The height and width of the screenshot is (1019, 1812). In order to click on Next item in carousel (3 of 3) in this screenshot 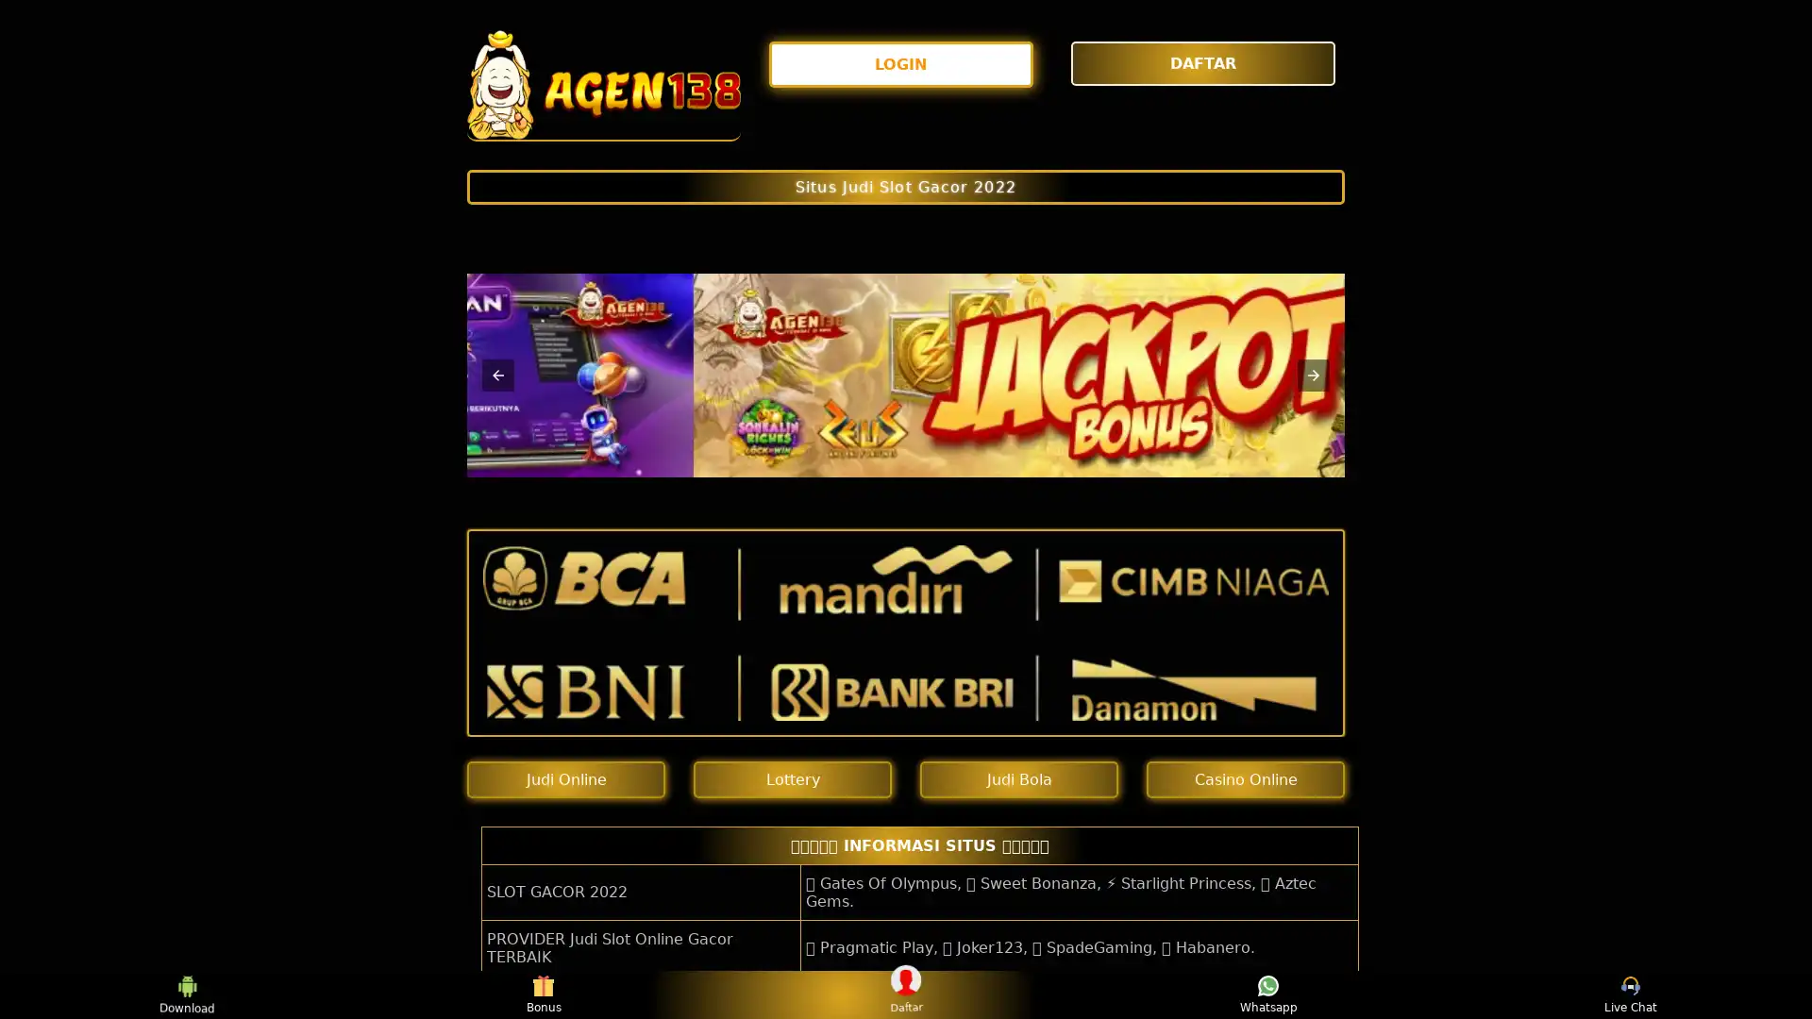, I will do `click(1313, 375)`.